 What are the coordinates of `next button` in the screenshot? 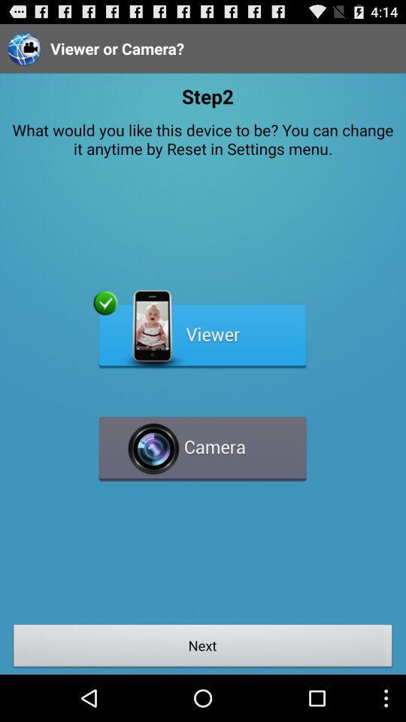 It's located at (203, 647).